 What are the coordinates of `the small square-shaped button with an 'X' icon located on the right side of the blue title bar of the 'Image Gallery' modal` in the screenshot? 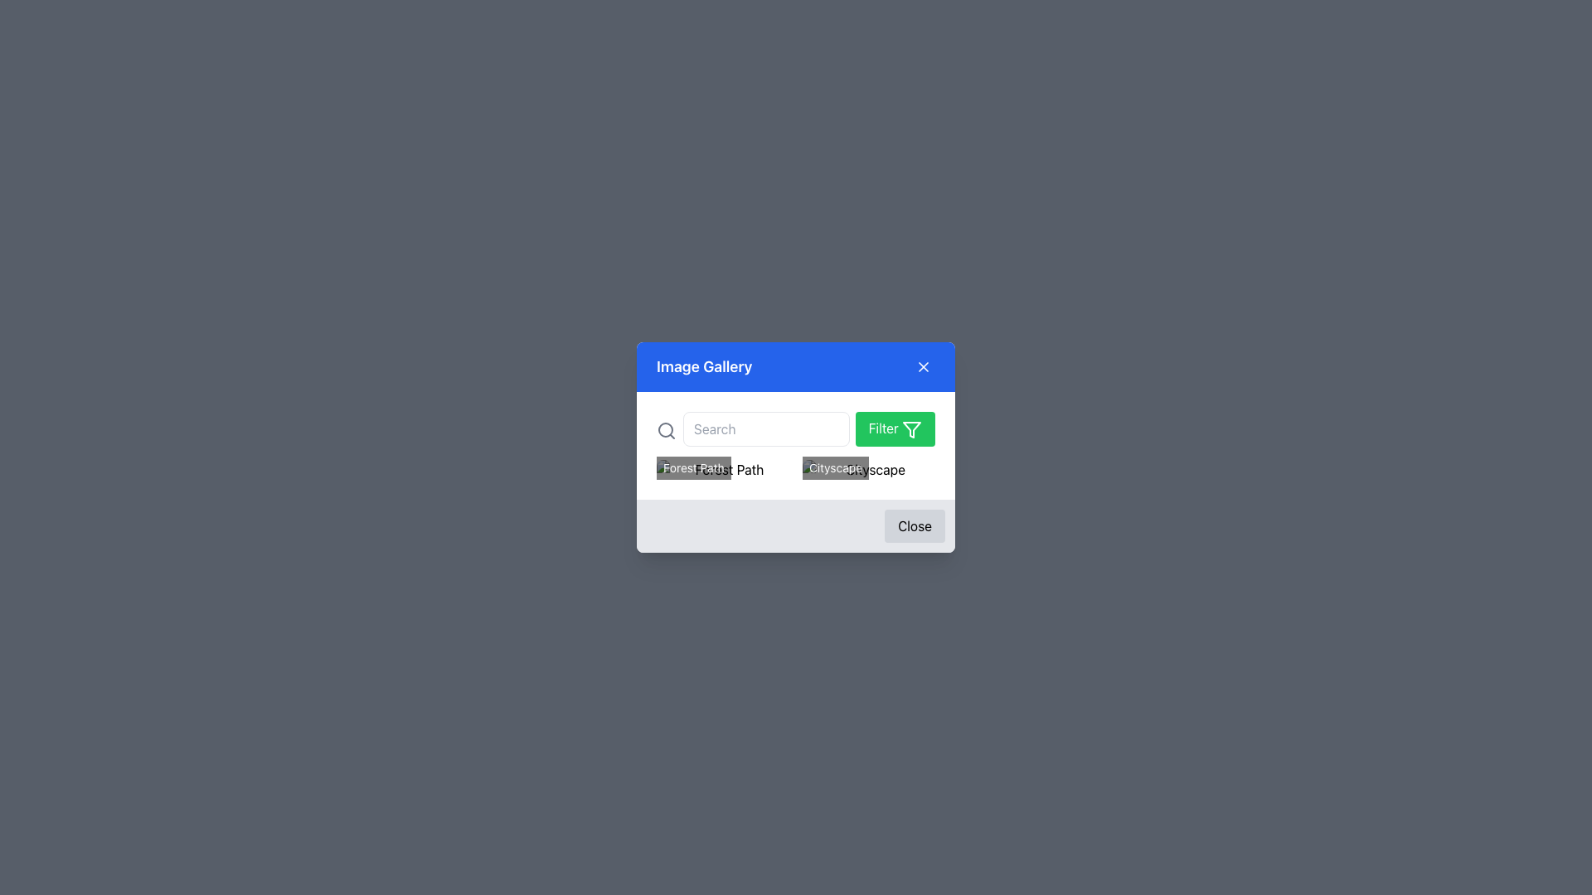 It's located at (922, 366).